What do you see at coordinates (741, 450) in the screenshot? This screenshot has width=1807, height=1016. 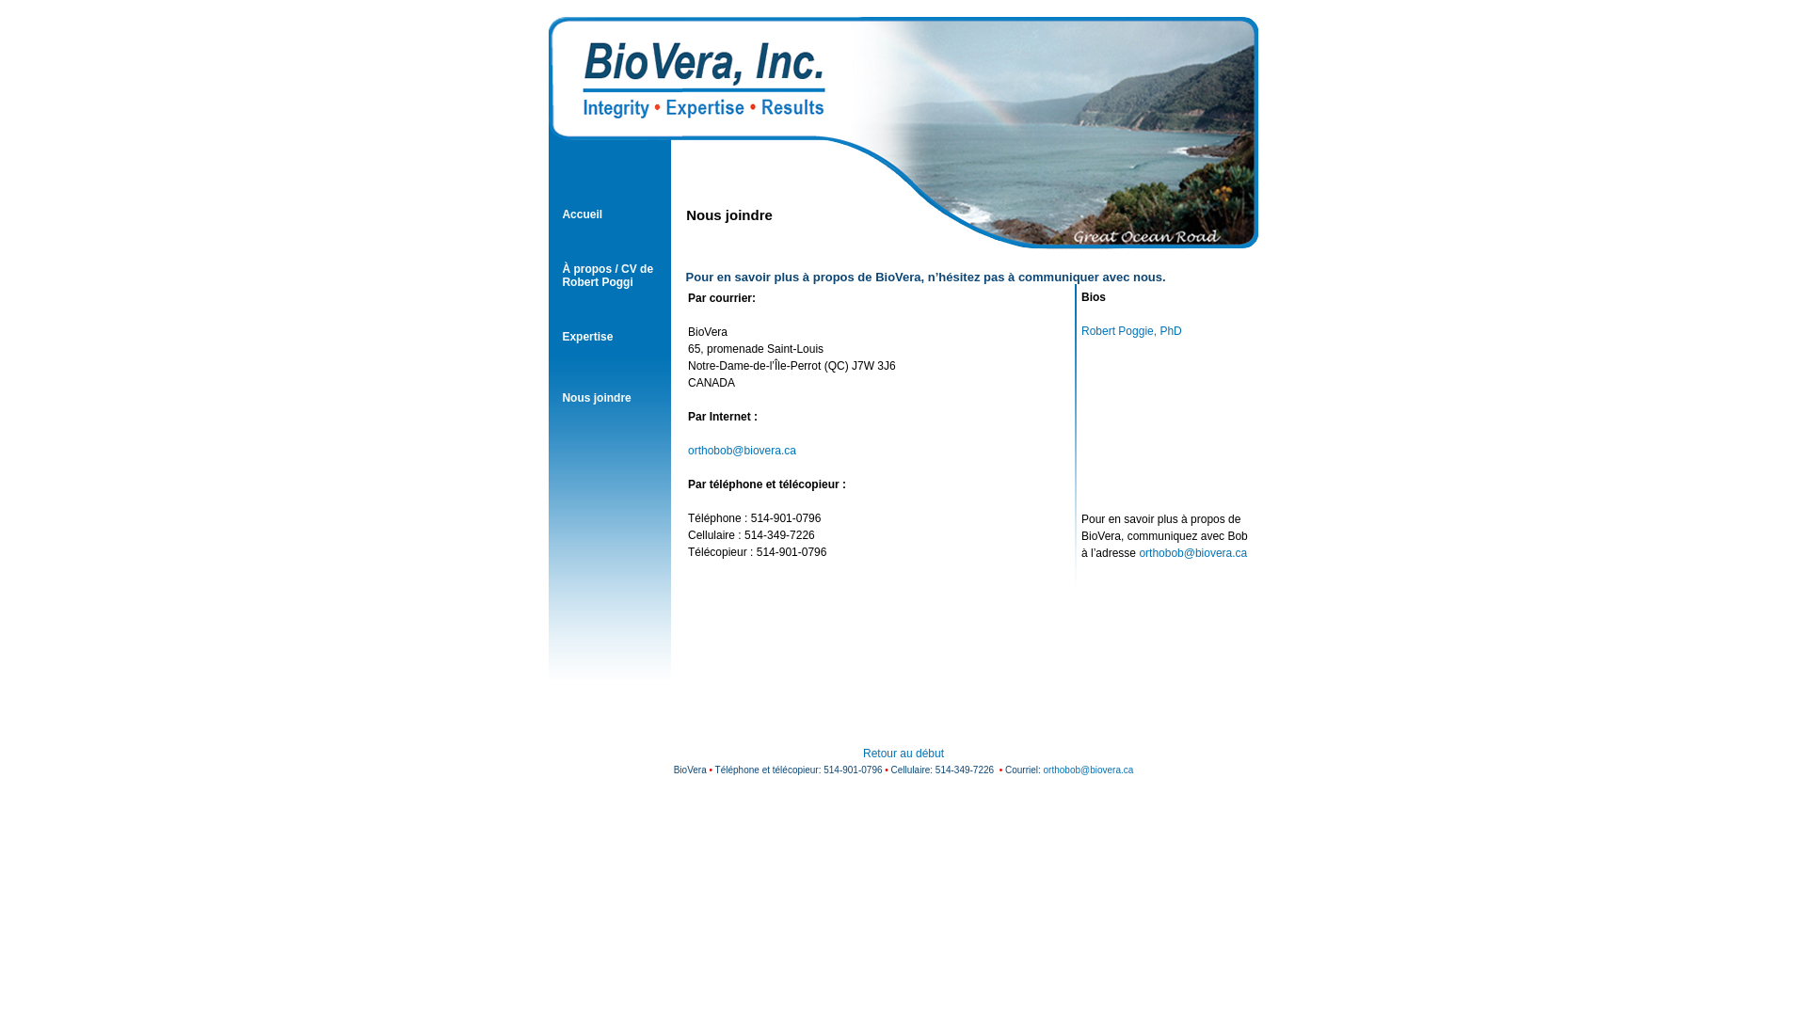 I see `'orthobob@biovera.ca'` at bounding box center [741, 450].